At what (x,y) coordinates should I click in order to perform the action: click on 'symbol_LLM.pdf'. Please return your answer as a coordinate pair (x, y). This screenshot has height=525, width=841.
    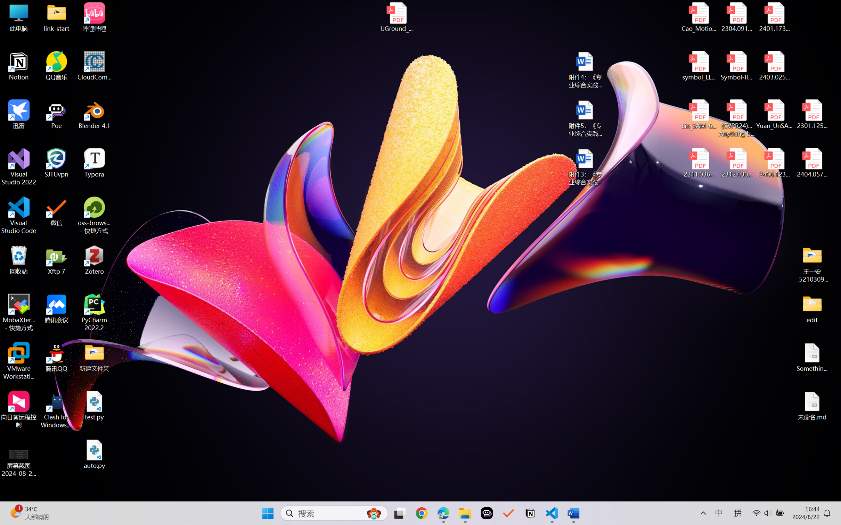
    Looking at the image, I should click on (699, 66).